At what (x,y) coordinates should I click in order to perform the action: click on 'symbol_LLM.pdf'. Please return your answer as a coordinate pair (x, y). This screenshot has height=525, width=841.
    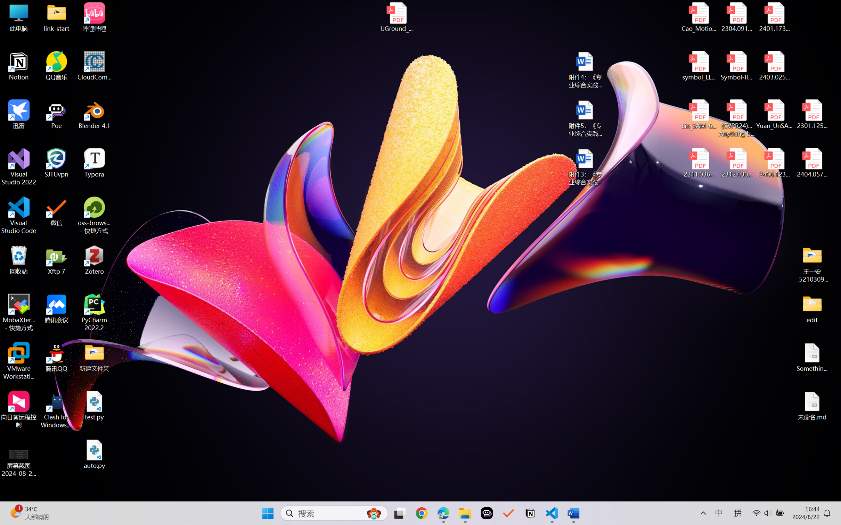
    Looking at the image, I should click on (699, 66).